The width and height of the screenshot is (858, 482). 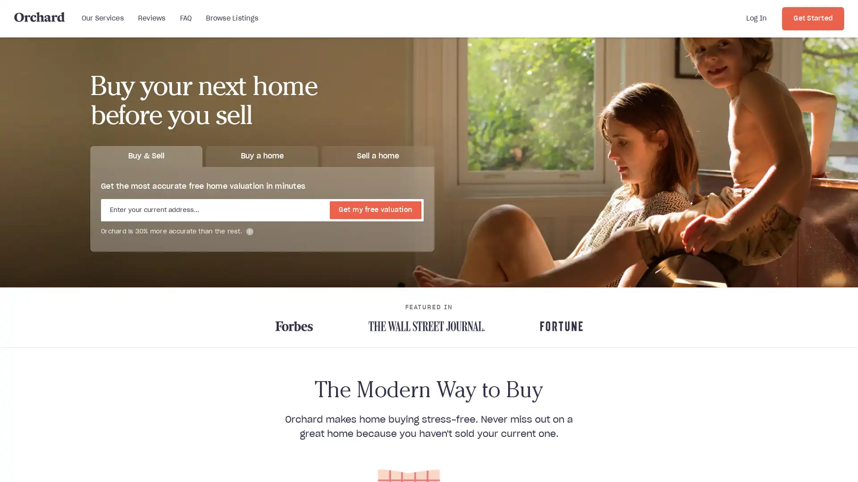 What do you see at coordinates (835, 461) in the screenshot?
I see `Close Chatbox` at bounding box center [835, 461].